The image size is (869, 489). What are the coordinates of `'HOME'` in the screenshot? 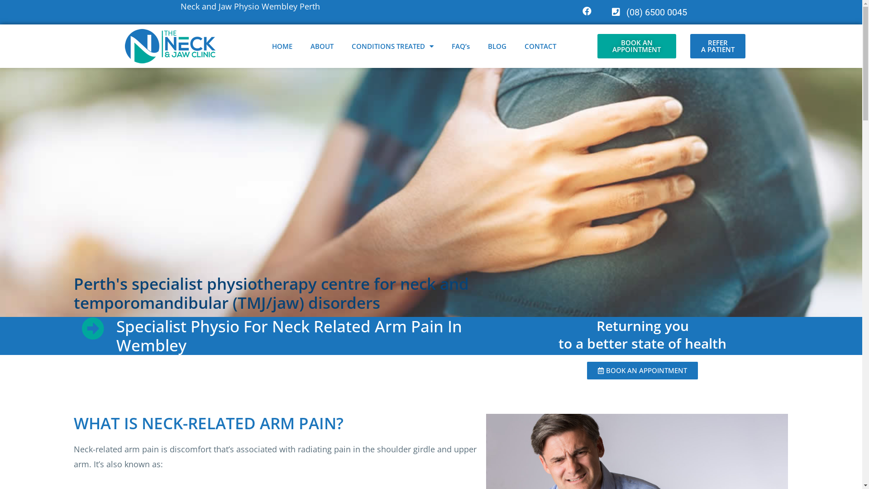 It's located at (282, 46).